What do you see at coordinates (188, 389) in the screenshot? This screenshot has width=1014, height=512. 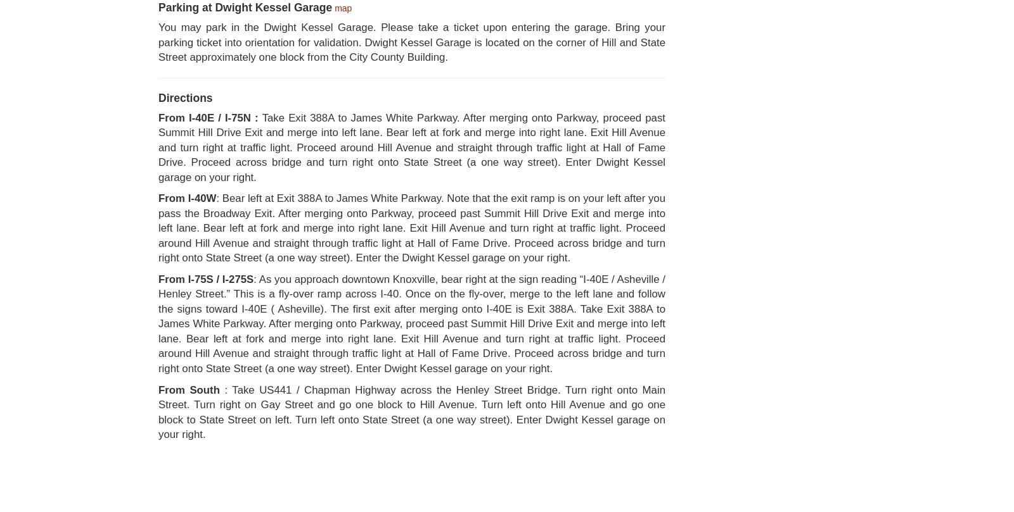 I see `'From South'` at bounding box center [188, 389].